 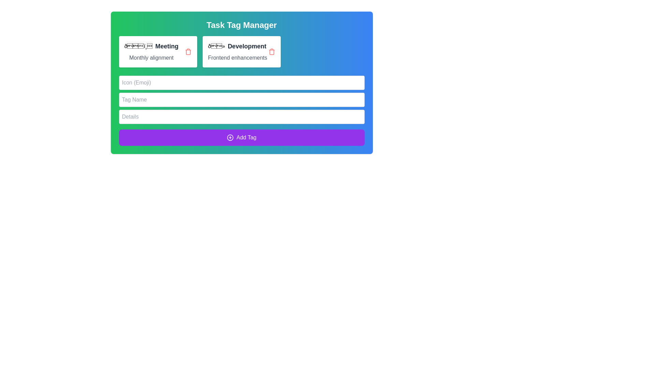 What do you see at coordinates (237, 57) in the screenshot?
I see `the text label displaying 'Frontend enhancements' in gray color, which is located beneath the 'Development' title` at bounding box center [237, 57].